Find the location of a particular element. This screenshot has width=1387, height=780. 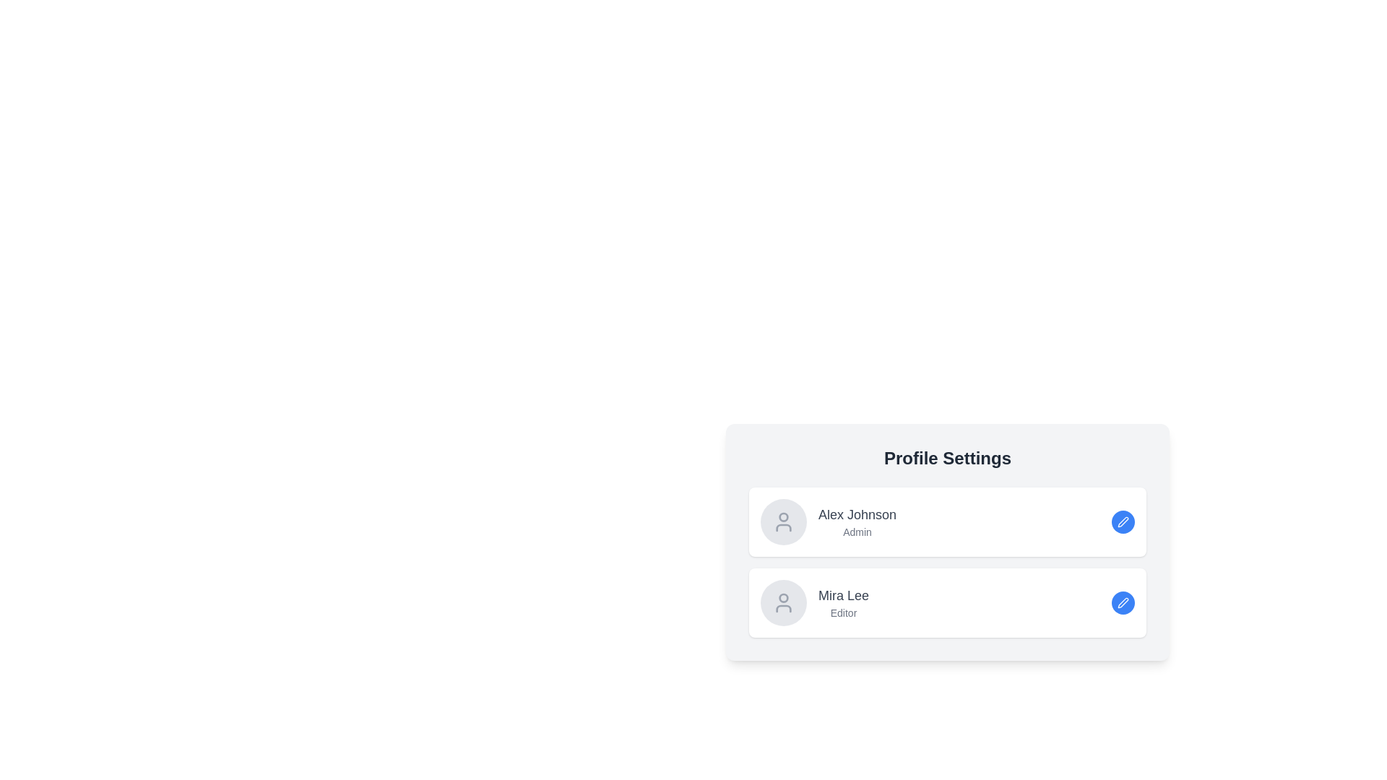

the edit button for 'Alex Johnson, Admin' in the Profile Settings is located at coordinates (1123, 521).